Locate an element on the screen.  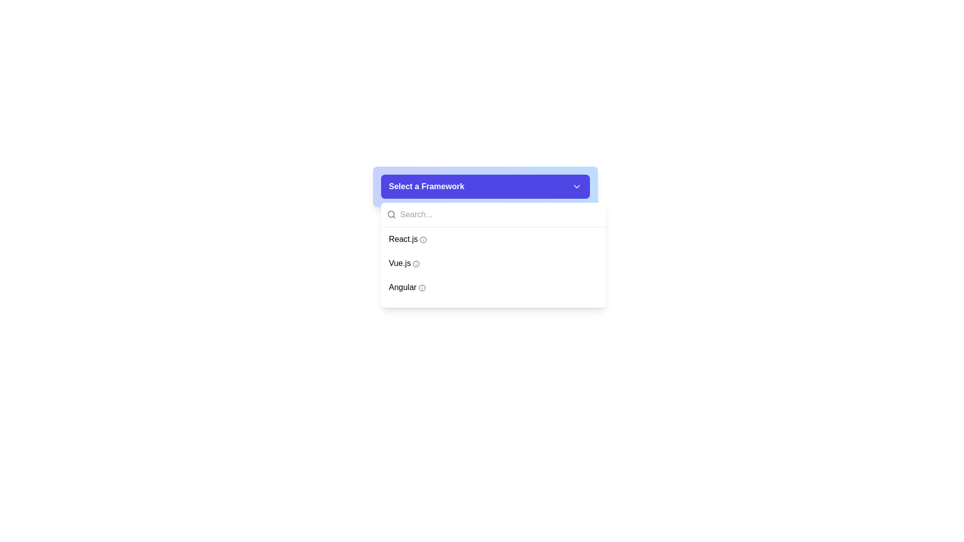
the circular graphical element that is part of the icon structure adjacent to the 'Vue.js' entry in the dropdown list is located at coordinates (416, 263).